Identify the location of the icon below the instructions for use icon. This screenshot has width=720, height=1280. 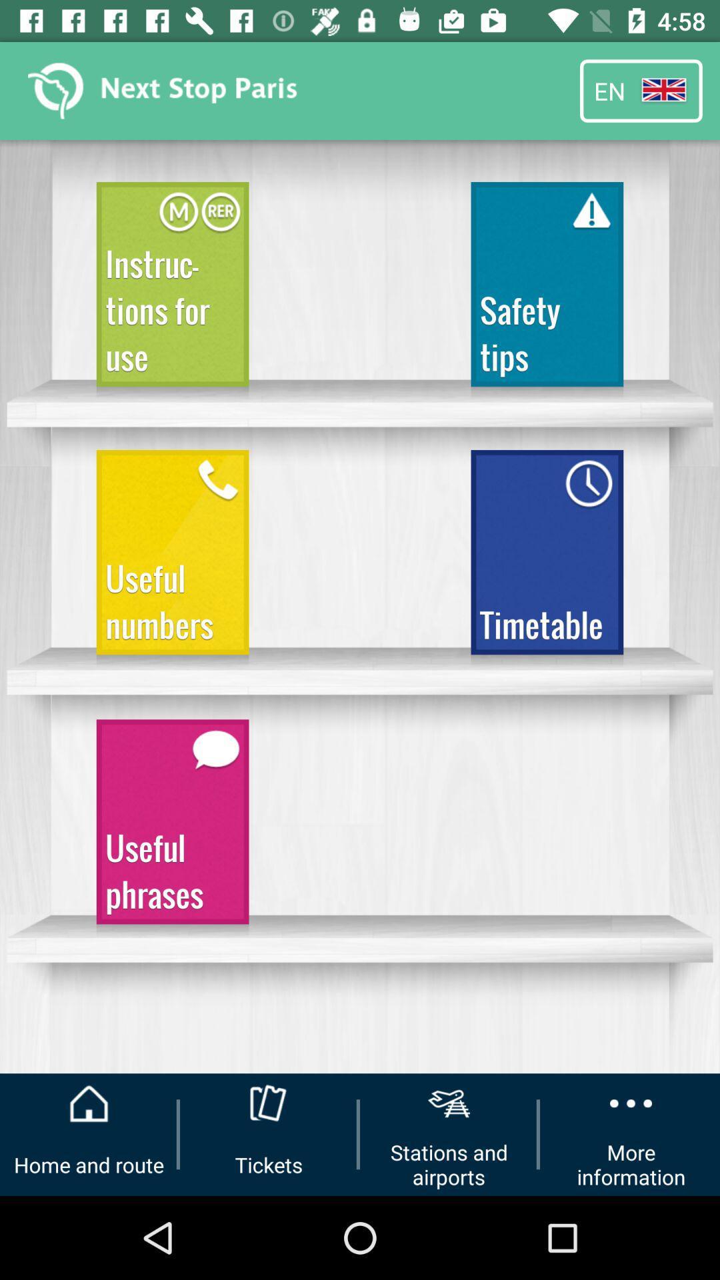
(172, 558).